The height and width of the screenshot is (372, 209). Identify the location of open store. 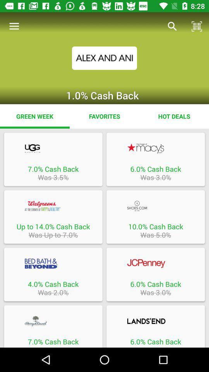
(53, 263).